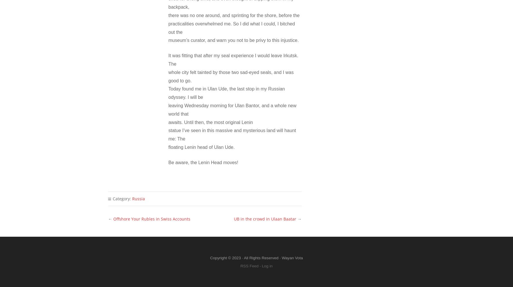 Image resolution: width=513 pixels, height=287 pixels. Describe the element at coordinates (231, 27) in the screenshot. I see `'practicalities overwhelmed me. So I did what I could, I bitched out the'` at that location.